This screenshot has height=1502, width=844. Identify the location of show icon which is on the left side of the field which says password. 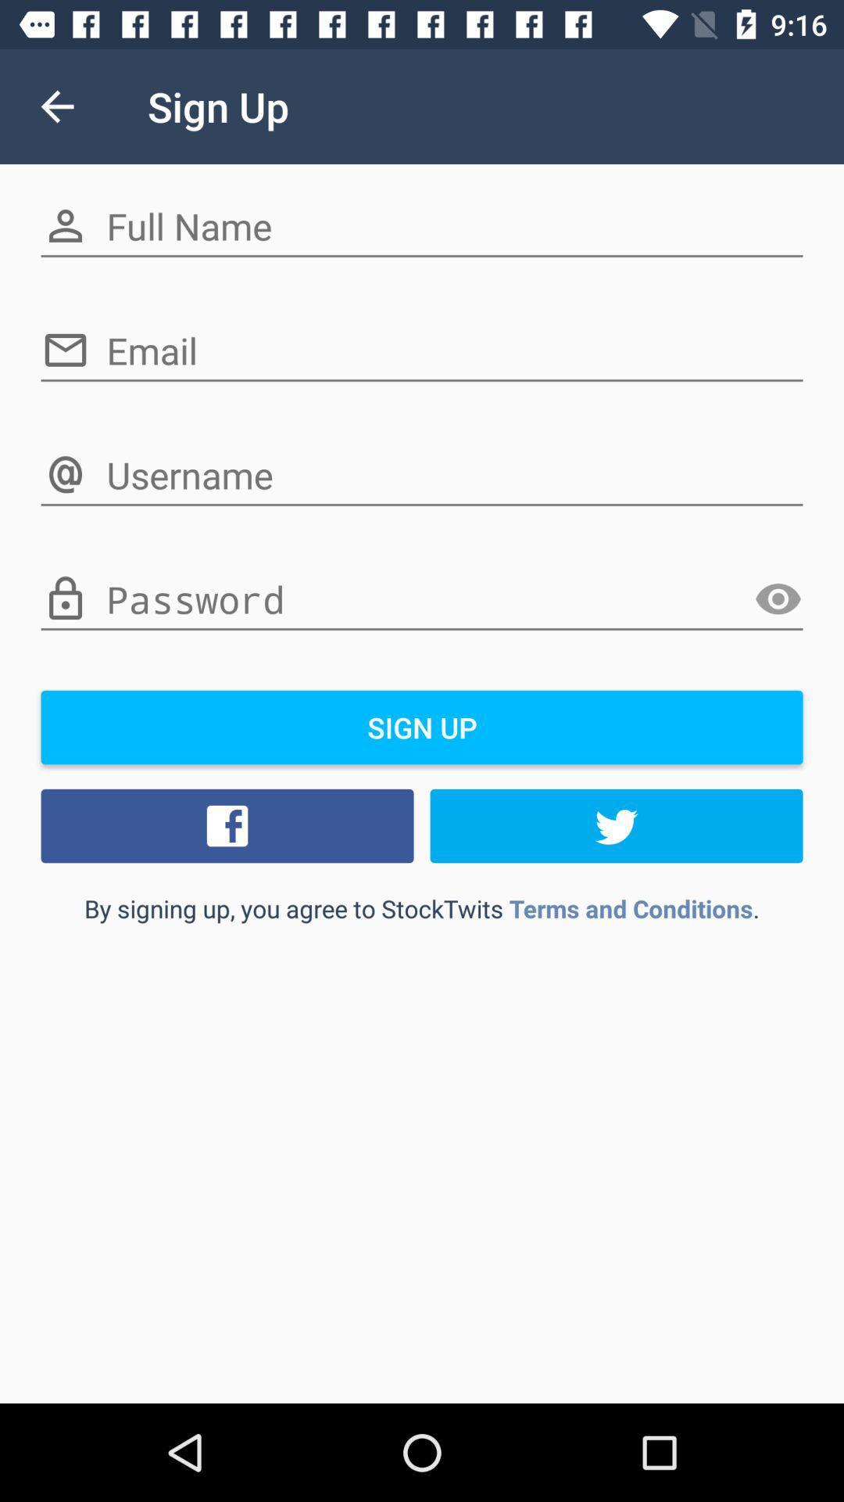
(778, 599).